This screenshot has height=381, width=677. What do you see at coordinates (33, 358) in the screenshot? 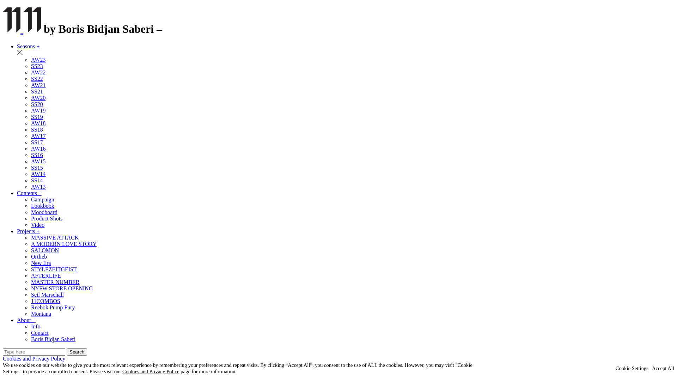
I see `'Cookies and Privacy Policy'` at bounding box center [33, 358].